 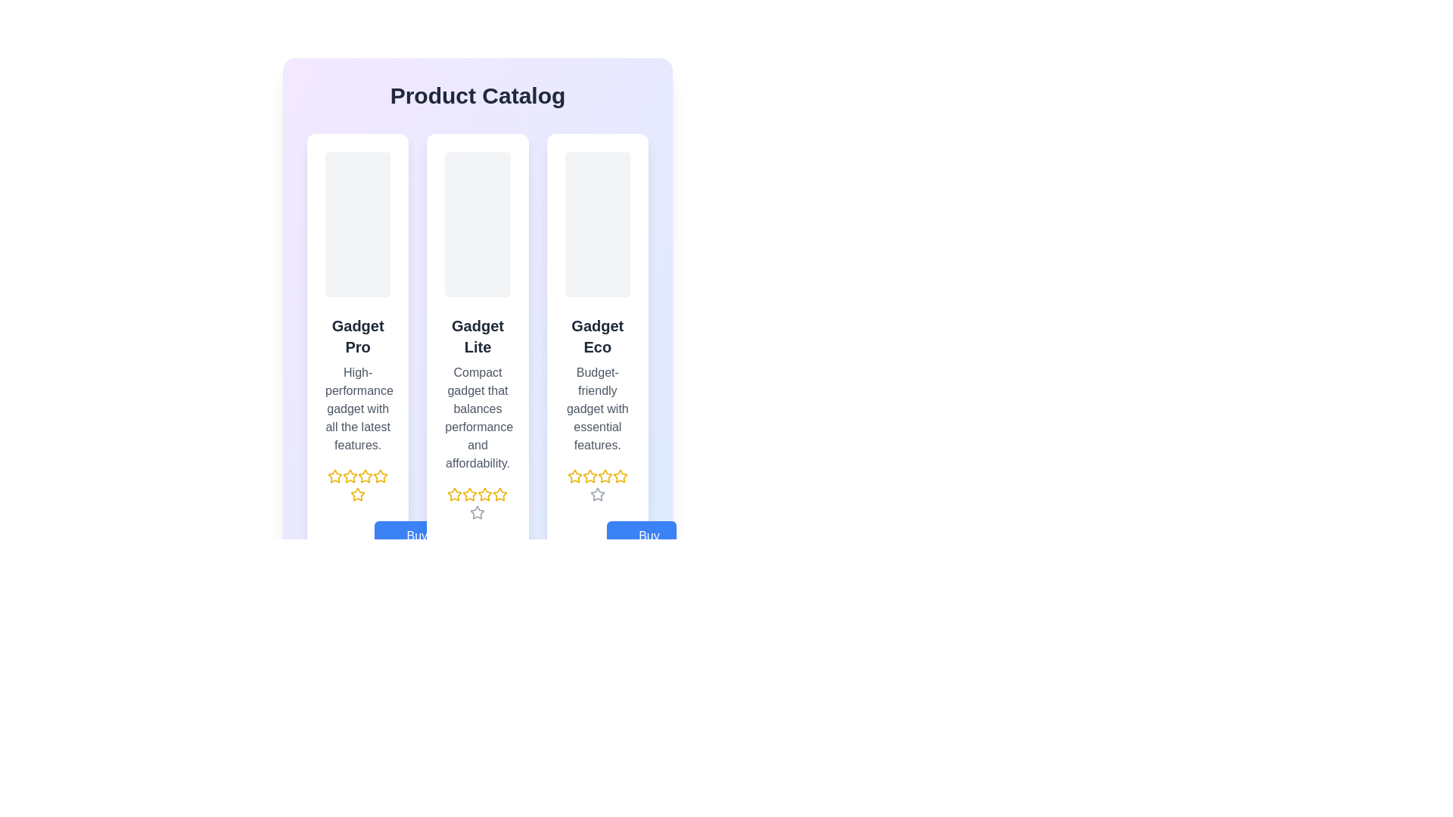 I want to click on the highlighted star in the 5-star rating selector below the title 'High-performance gadget with all the latest features.' to rate the product, so click(x=357, y=484).